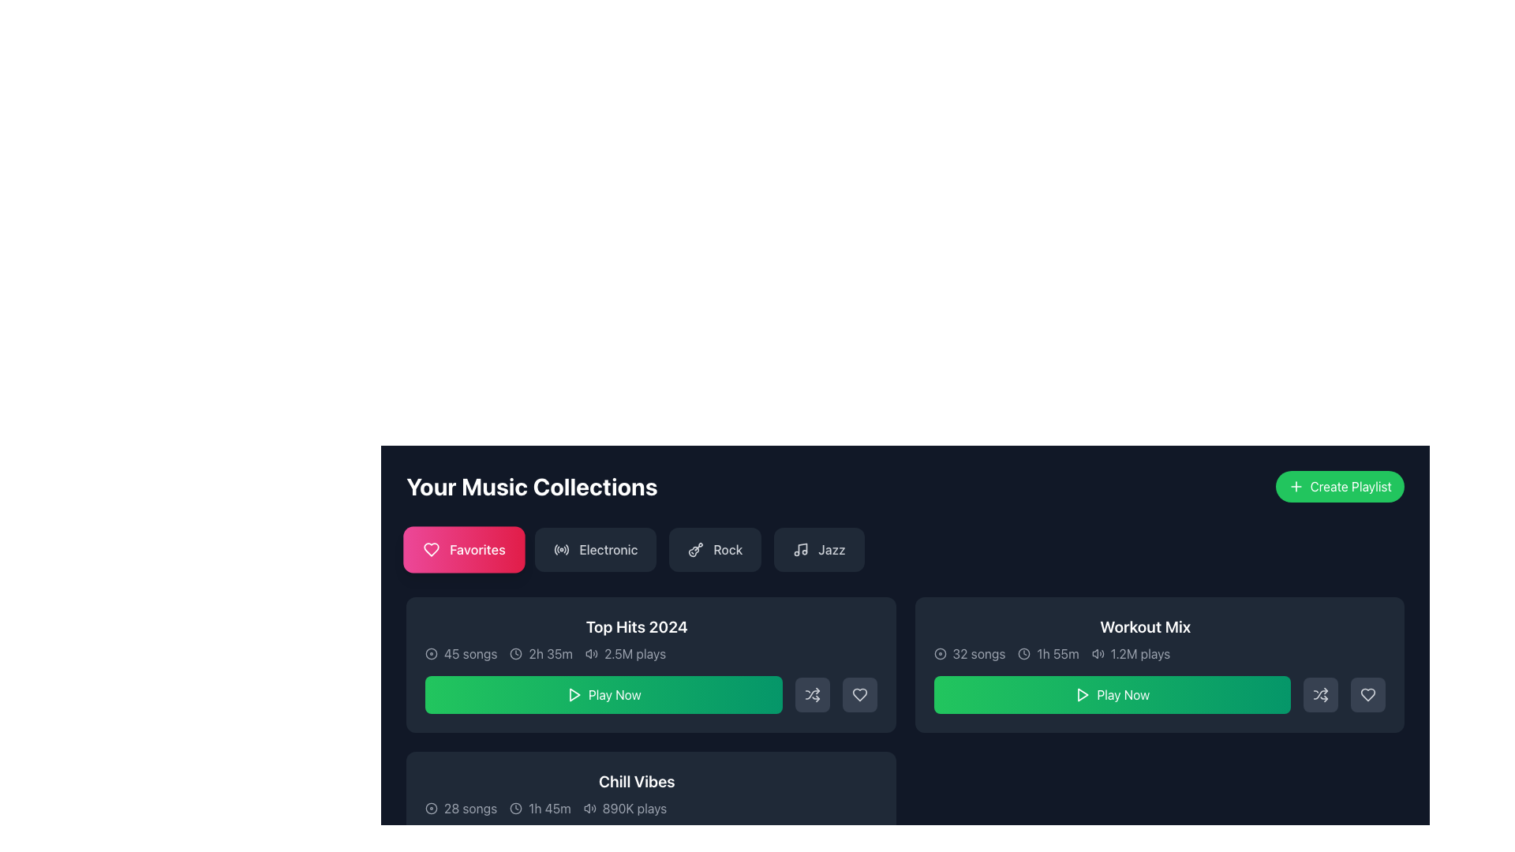 The image size is (1515, 852). Describe the element at coordinates (862, 785) in the screenshot. I see `the small circular button with a dark gray background located at the upper-right corner of the 'Chill Vibes' section in the 'Your Music Collections' interface` at that location.